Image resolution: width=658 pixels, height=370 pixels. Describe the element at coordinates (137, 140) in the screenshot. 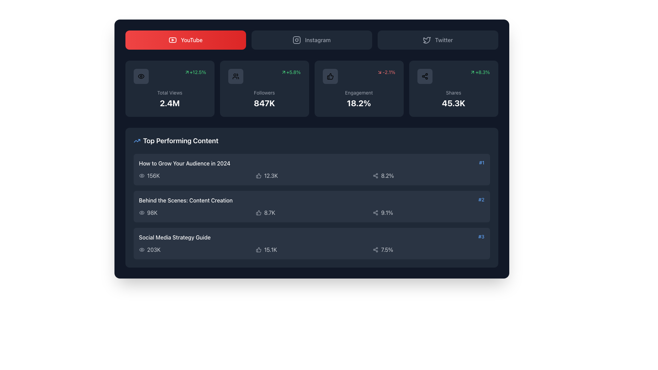

I see `the improvement icon located to the left of the 'Top Performing Content' text, which denotes progress or trending upward` at that location.